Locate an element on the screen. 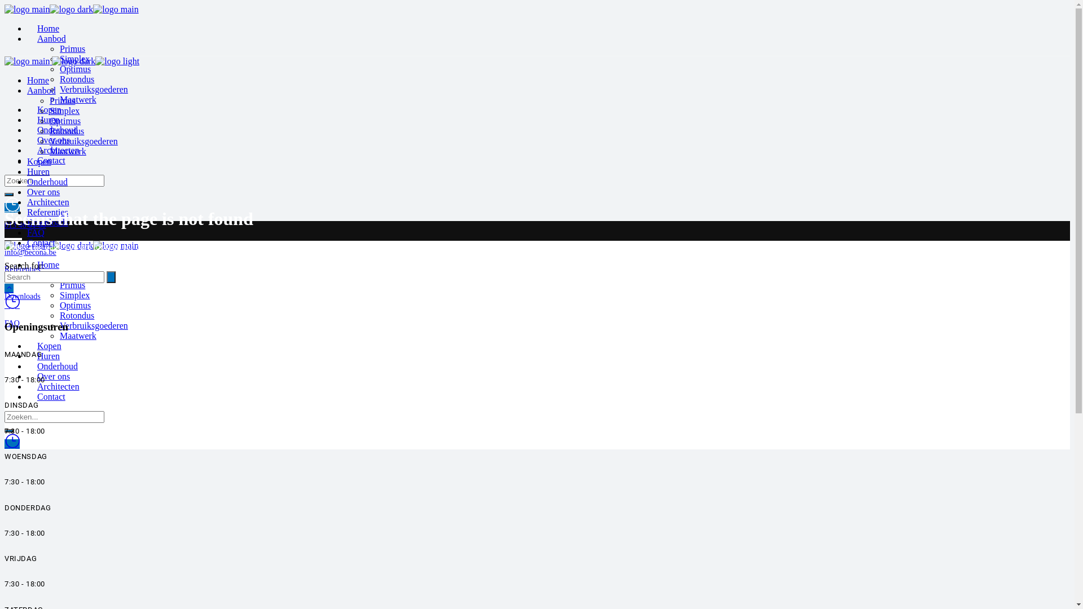 The width and height of the screenshot is (1083, 609). '013 46 01 60' is located at coordinates (5, 225).